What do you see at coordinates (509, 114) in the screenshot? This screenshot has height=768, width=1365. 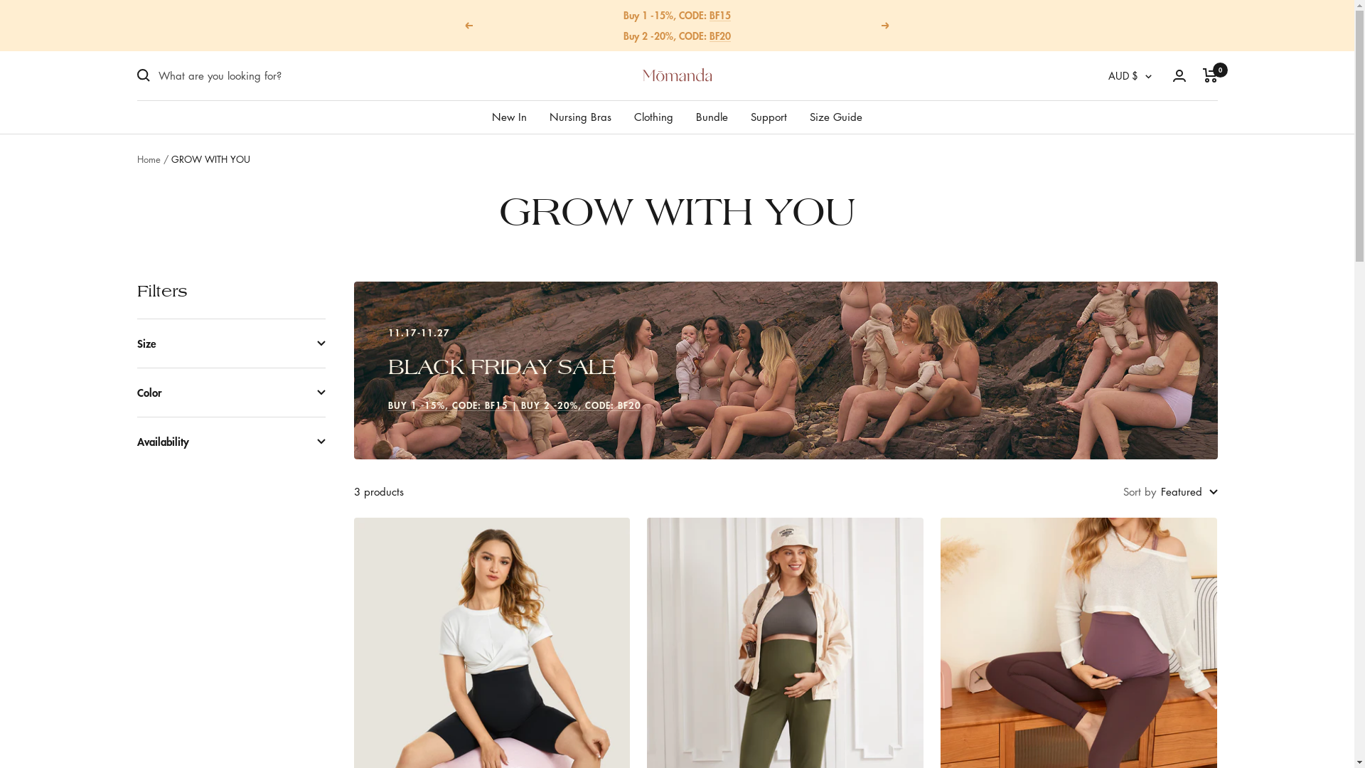 I see `'New In'` at bounding box center [509, 114].